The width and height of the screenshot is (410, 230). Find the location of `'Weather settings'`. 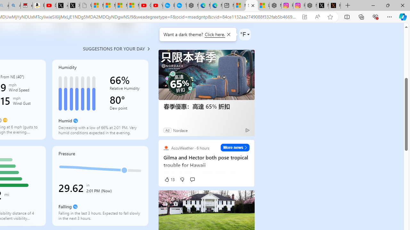

'Weather settings' is located at coordinates (244, 34).